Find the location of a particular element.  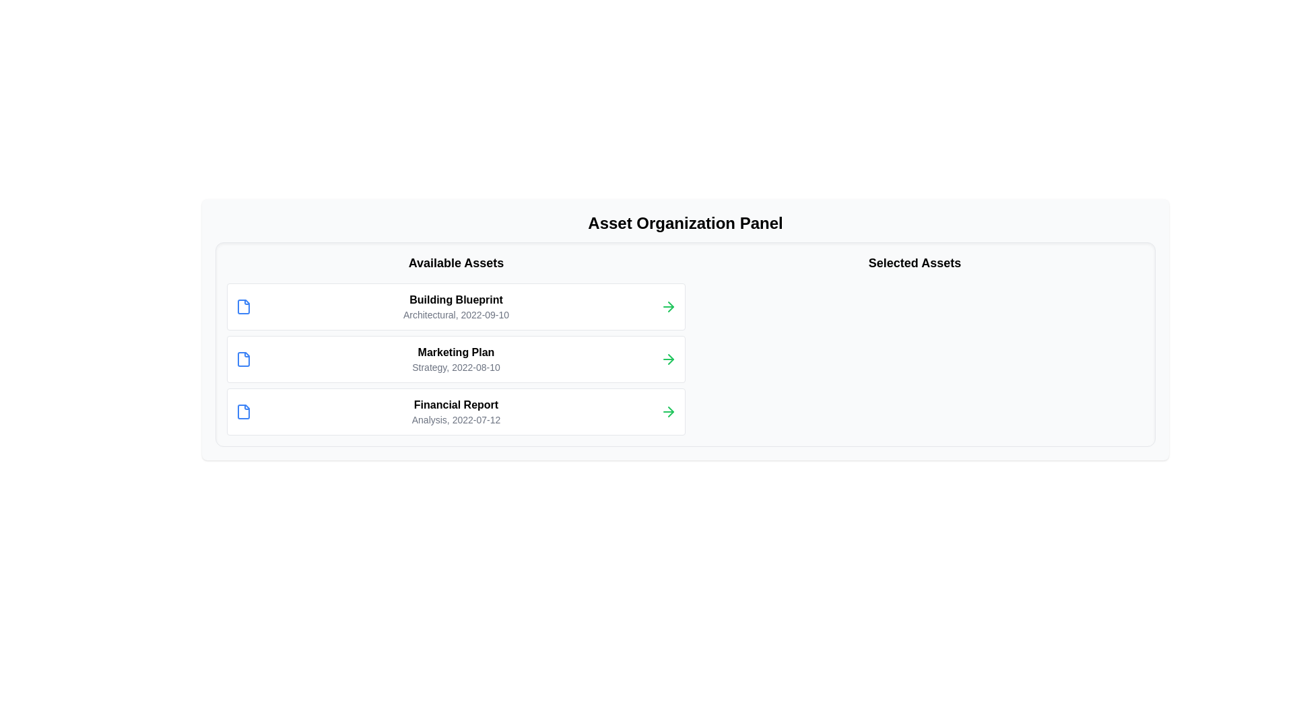

the asset file icon located in the first asset card under the 'Available Assets' section, positioned to the far left of the card, adjacent to the asset details text is located at coordinates (243, 306).